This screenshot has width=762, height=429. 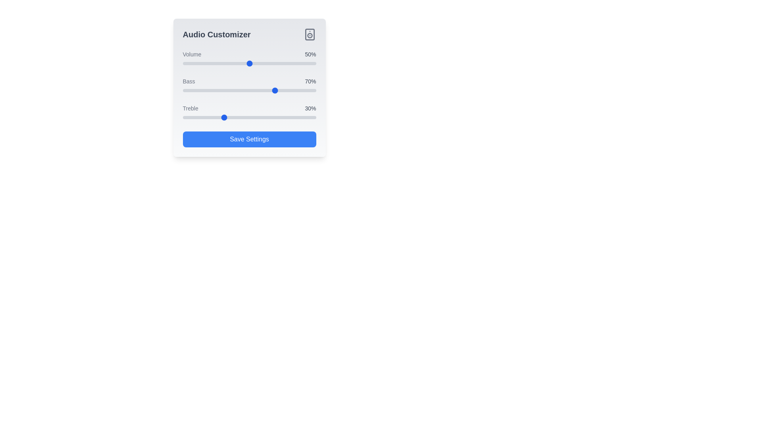 What do you see at coordinates (309, 34) in the screenshot?
I see `the speaker icon to interact with it` at bounding box center [309, 34].